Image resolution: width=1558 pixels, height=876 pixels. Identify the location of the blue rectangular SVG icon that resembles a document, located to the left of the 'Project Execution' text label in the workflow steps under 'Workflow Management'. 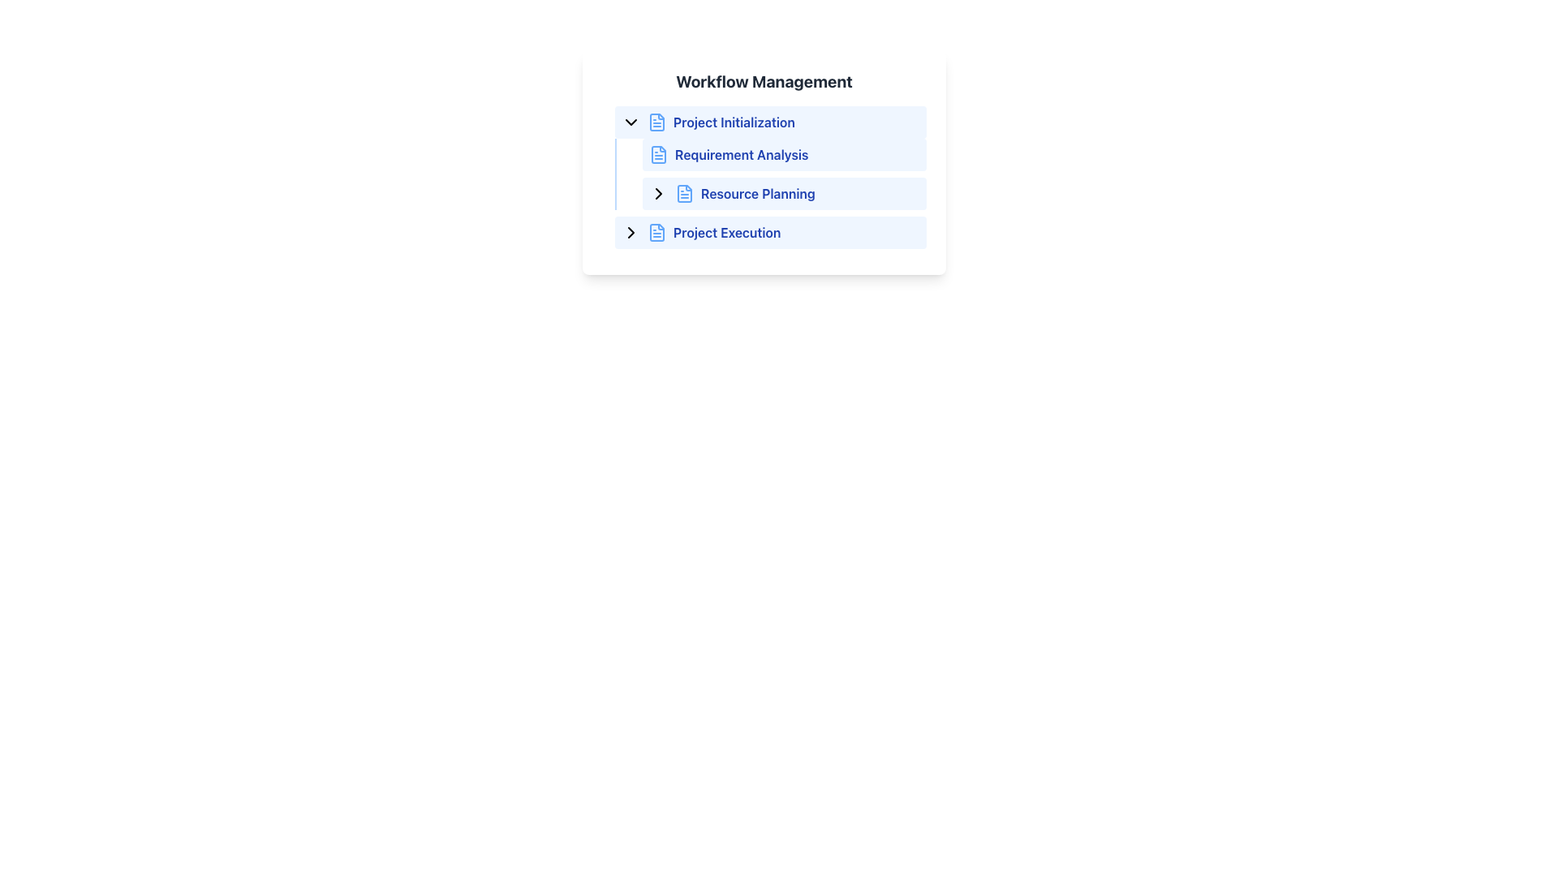
(657, 232).